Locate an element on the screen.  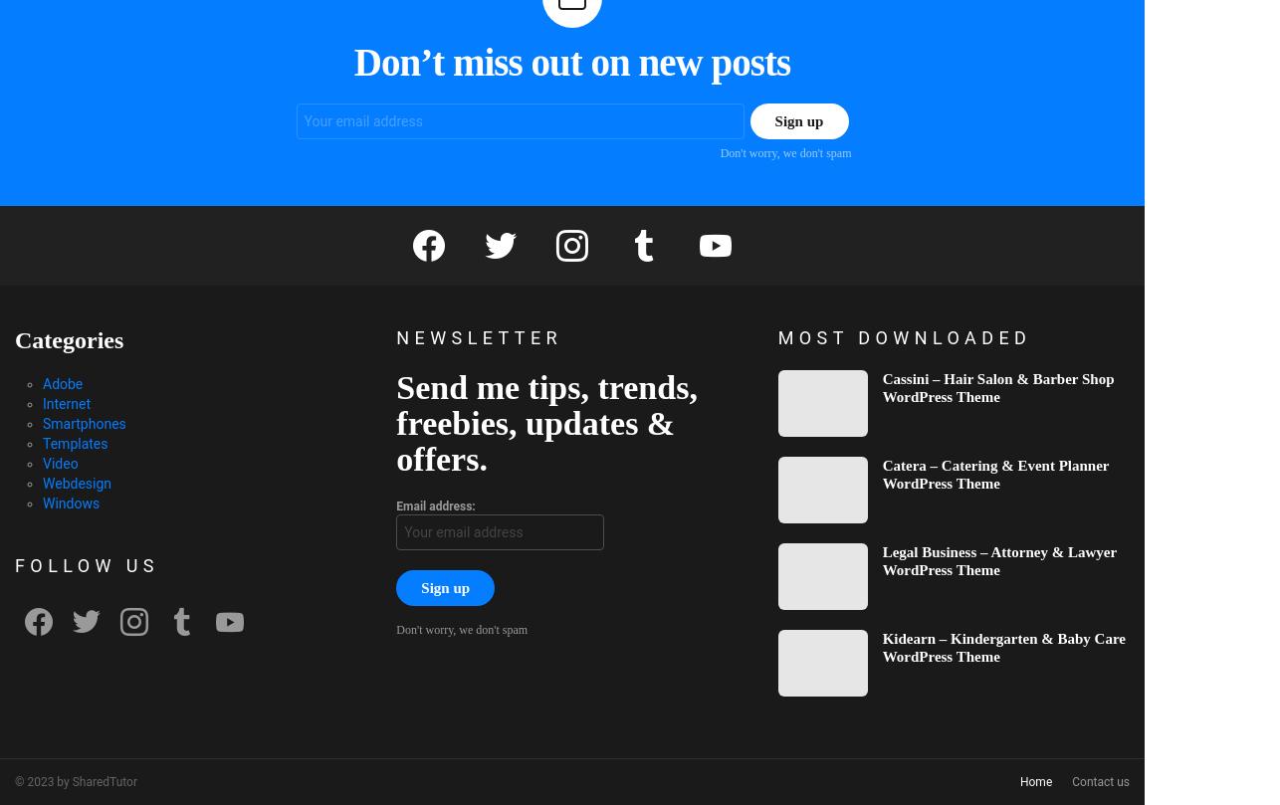
'Catera – Catering & Event Planner WordPress Theme' is located at coordinates (882, 473).